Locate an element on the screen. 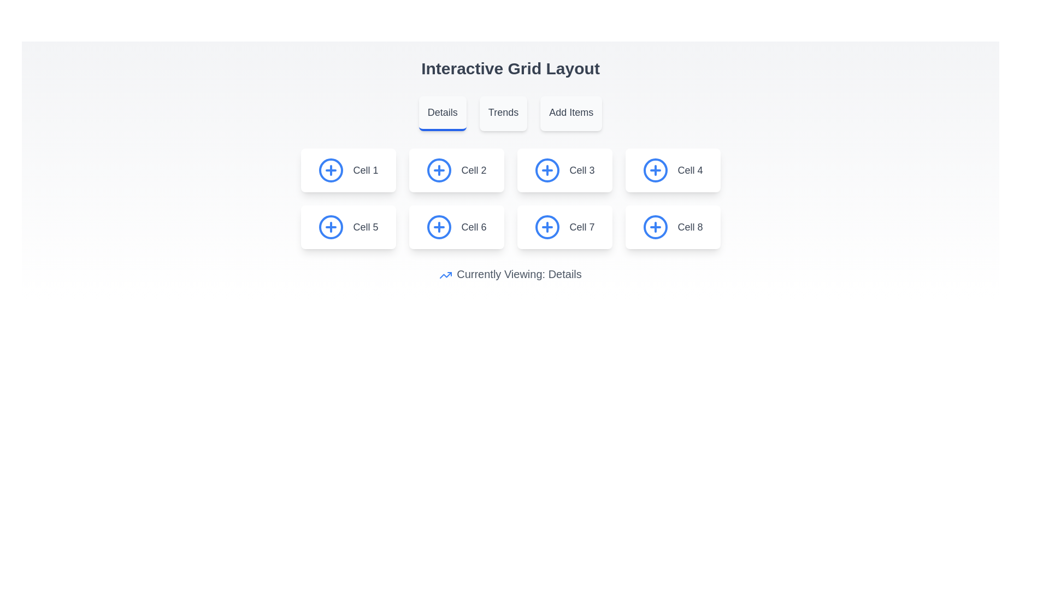 This screenshot has width=1049, height=590. the first card in the second row of a grid that is associated with 'Cell 5'. This element serves as an interactive button or card for viewing details or adding items is located at coordinates (347, 227).